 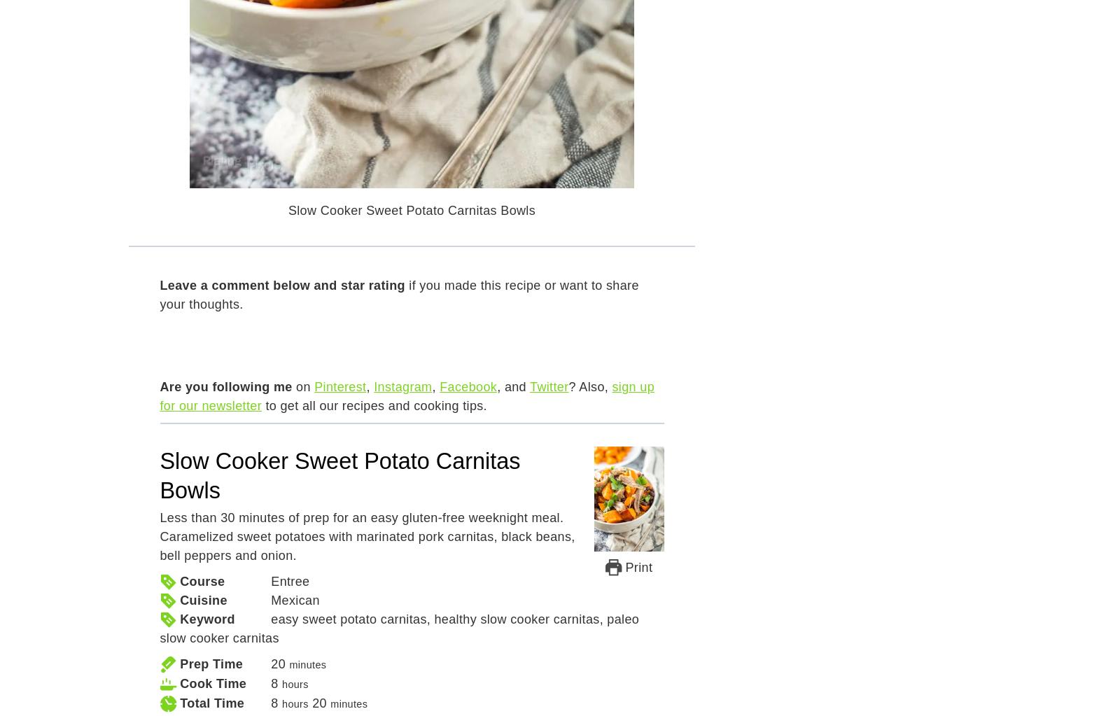 What do you see at coordinates (211, 664) in the screenshot?
I see `'Prep Time'` at bounding box center [211, 664].